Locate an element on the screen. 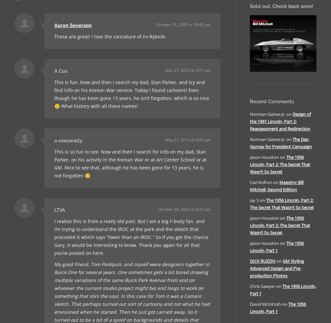  'LT7A' is located at coordinates (60, 209).